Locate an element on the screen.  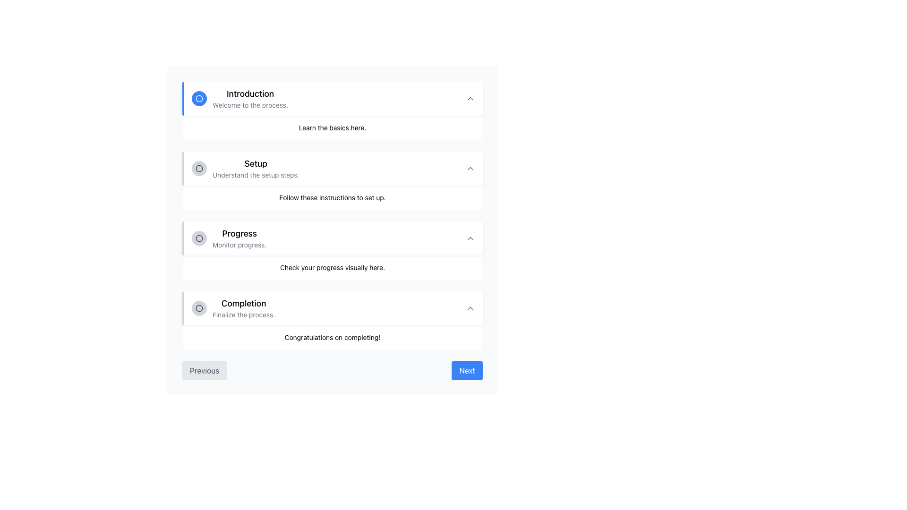
text label that serves as the title for the third step in the vertically stacked navigation menu, positioned above the descriptive text 'Monitor progress.' is located at coordinates (240, 233).